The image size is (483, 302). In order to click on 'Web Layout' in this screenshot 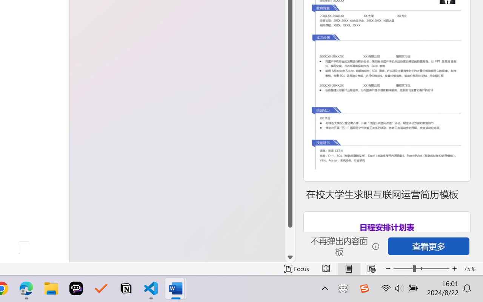, I will do `click(371, 268)`.